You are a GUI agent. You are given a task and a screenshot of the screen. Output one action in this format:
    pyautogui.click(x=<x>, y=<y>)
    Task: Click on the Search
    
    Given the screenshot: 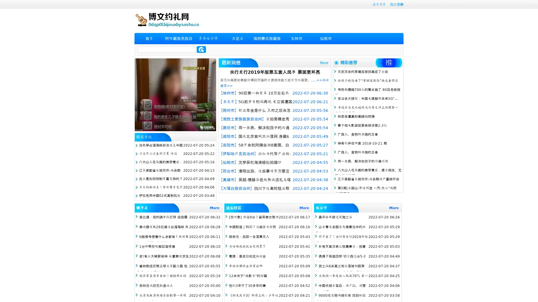 What is the action you would take?
    pyautogui.click(x=201, y=49)
    